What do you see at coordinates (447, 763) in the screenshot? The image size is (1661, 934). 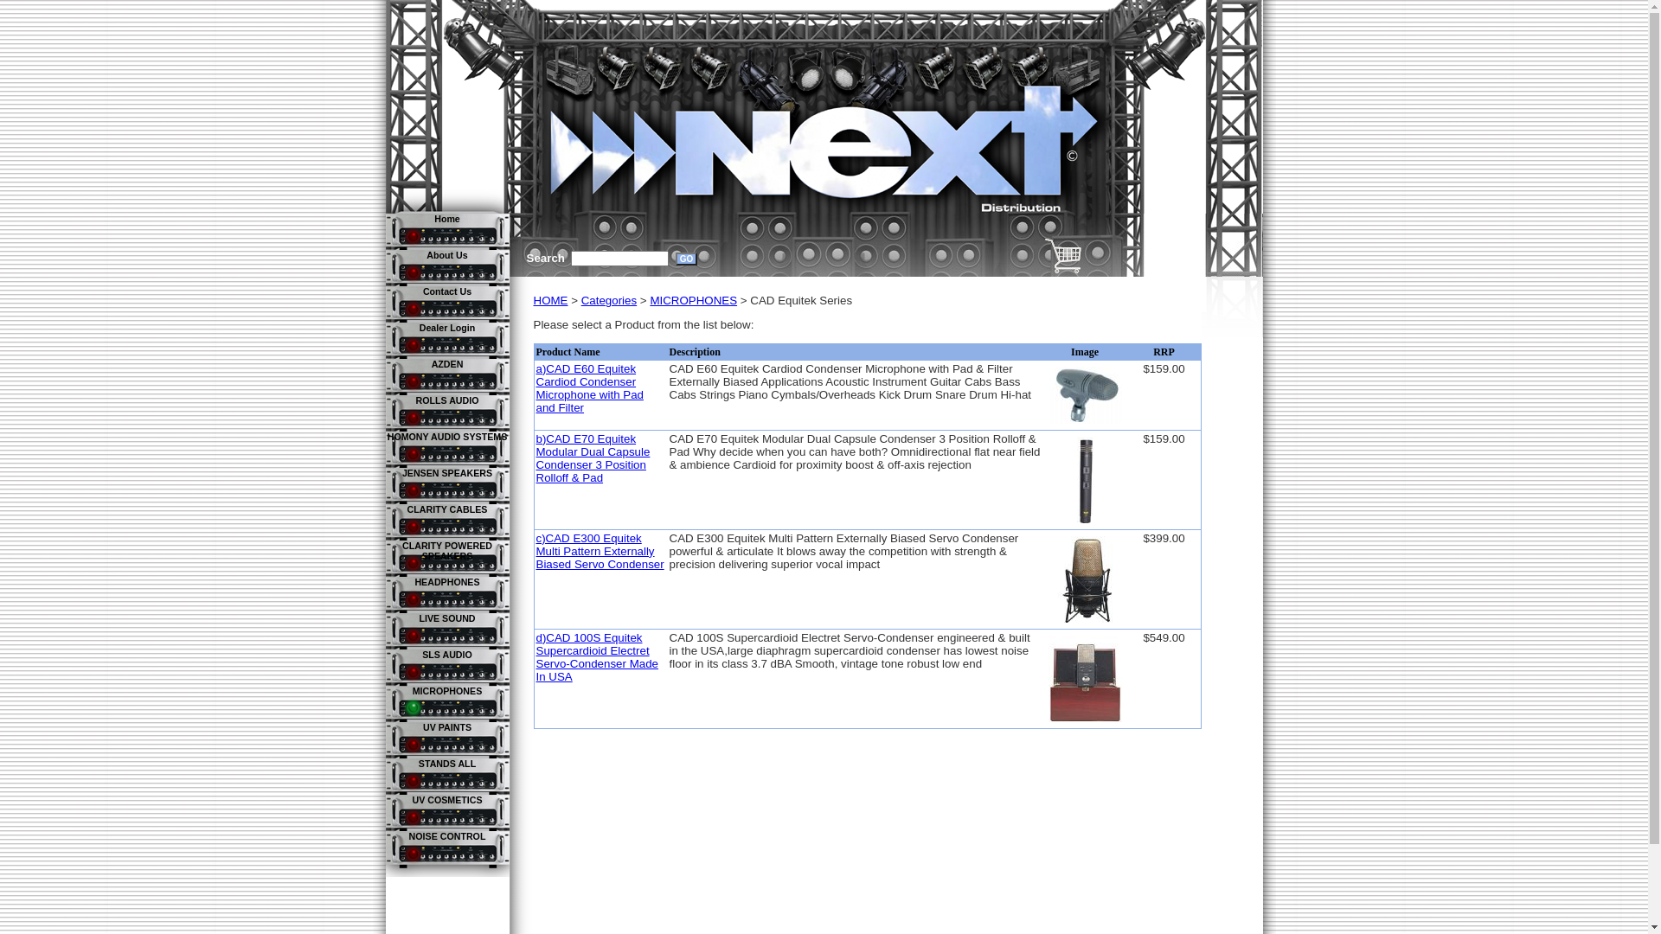 I see `'STANDS ALL'` at bounding box center [447, 763].